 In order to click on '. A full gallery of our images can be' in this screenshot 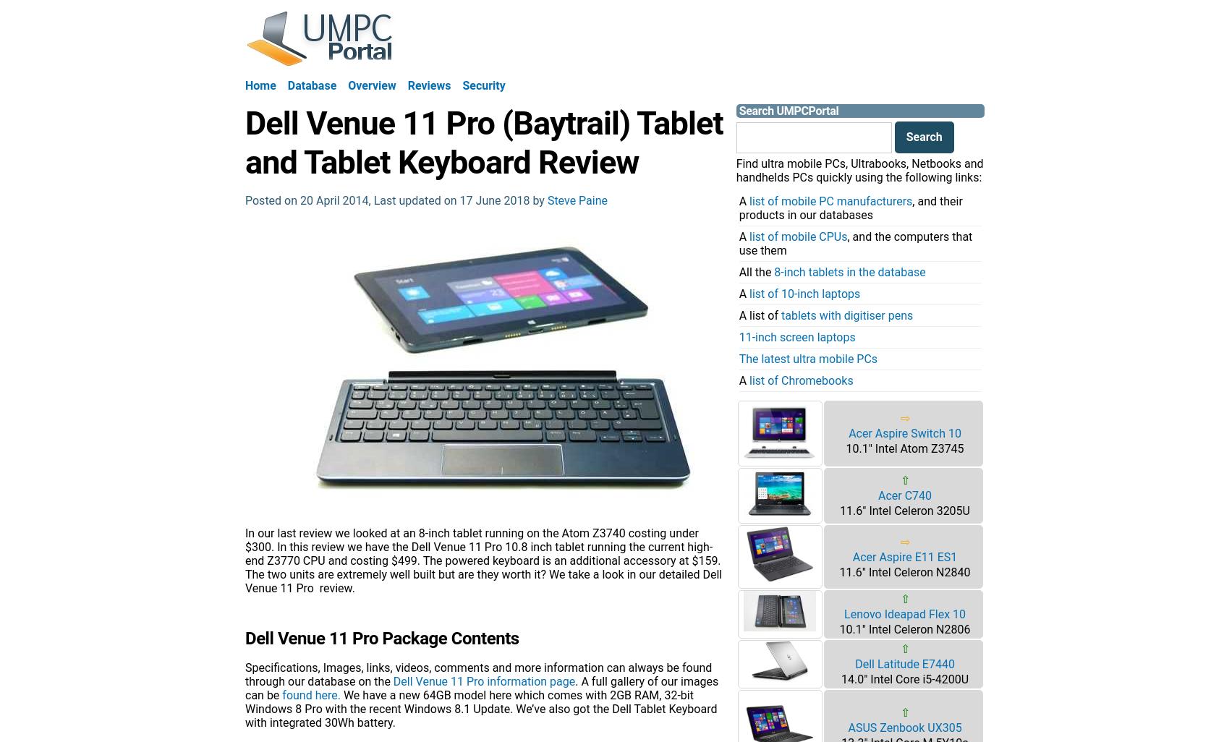, I will do `click(481, 687)`.